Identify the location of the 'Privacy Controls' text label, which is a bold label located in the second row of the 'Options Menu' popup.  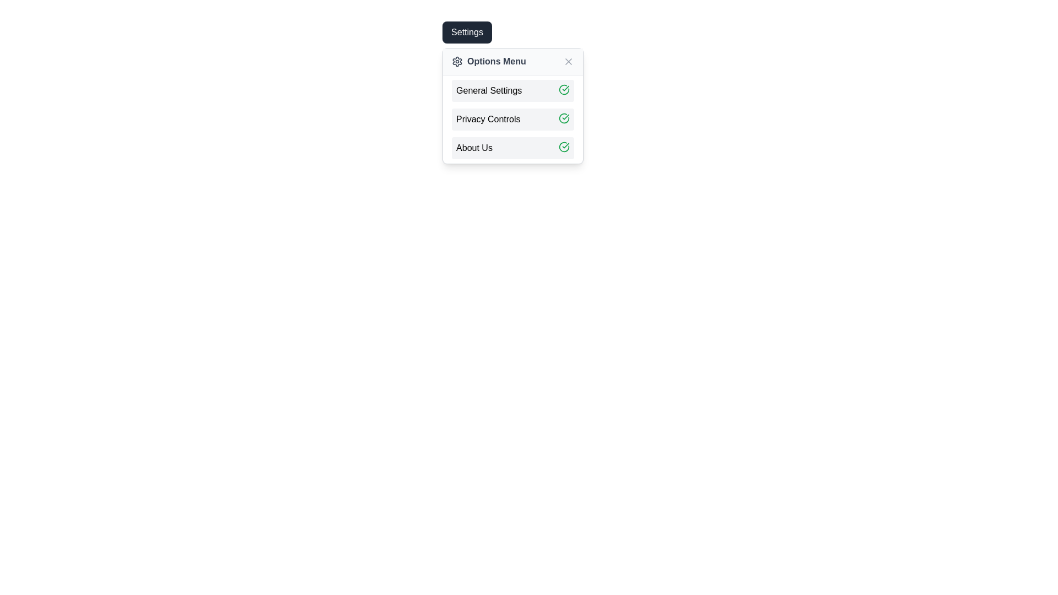
(488, 119).